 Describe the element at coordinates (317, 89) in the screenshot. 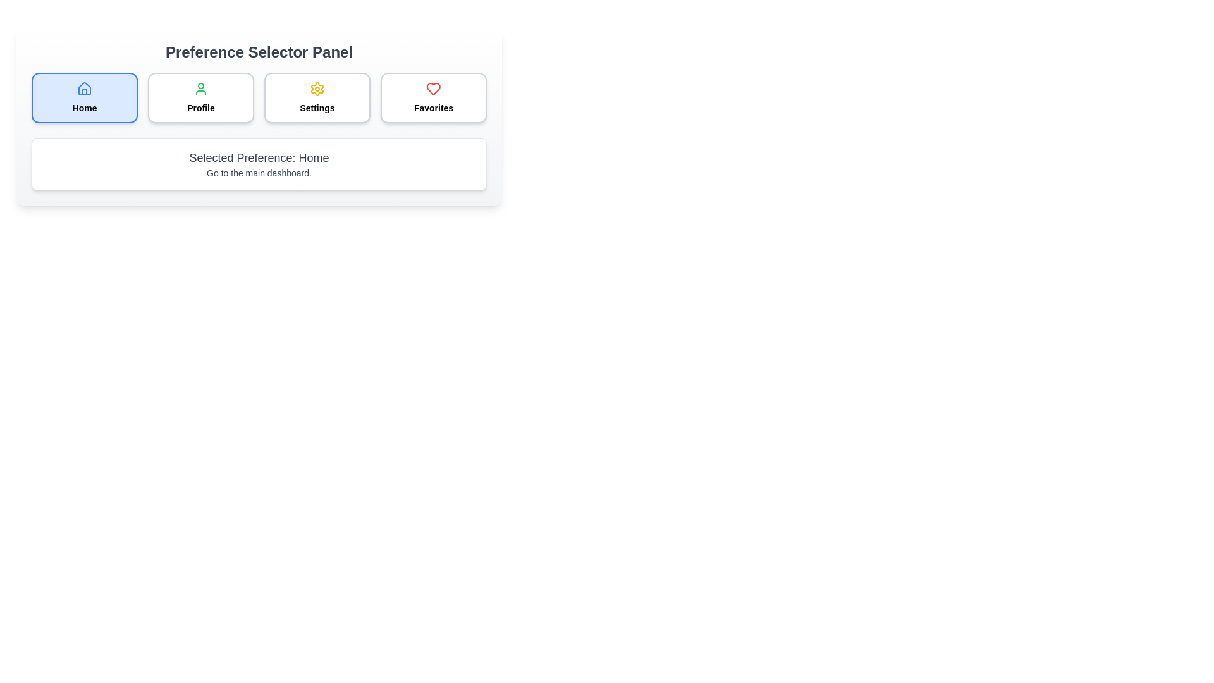

I see `the 'Settings' icon located as the third option in the row of four buttons` at that location.